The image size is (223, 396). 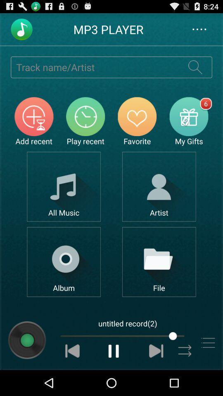 I want to click on show all music, so click(x=63, y=186).